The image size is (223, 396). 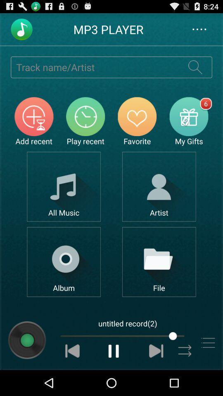 I want to click on show all music, so click(x=63, y=186).